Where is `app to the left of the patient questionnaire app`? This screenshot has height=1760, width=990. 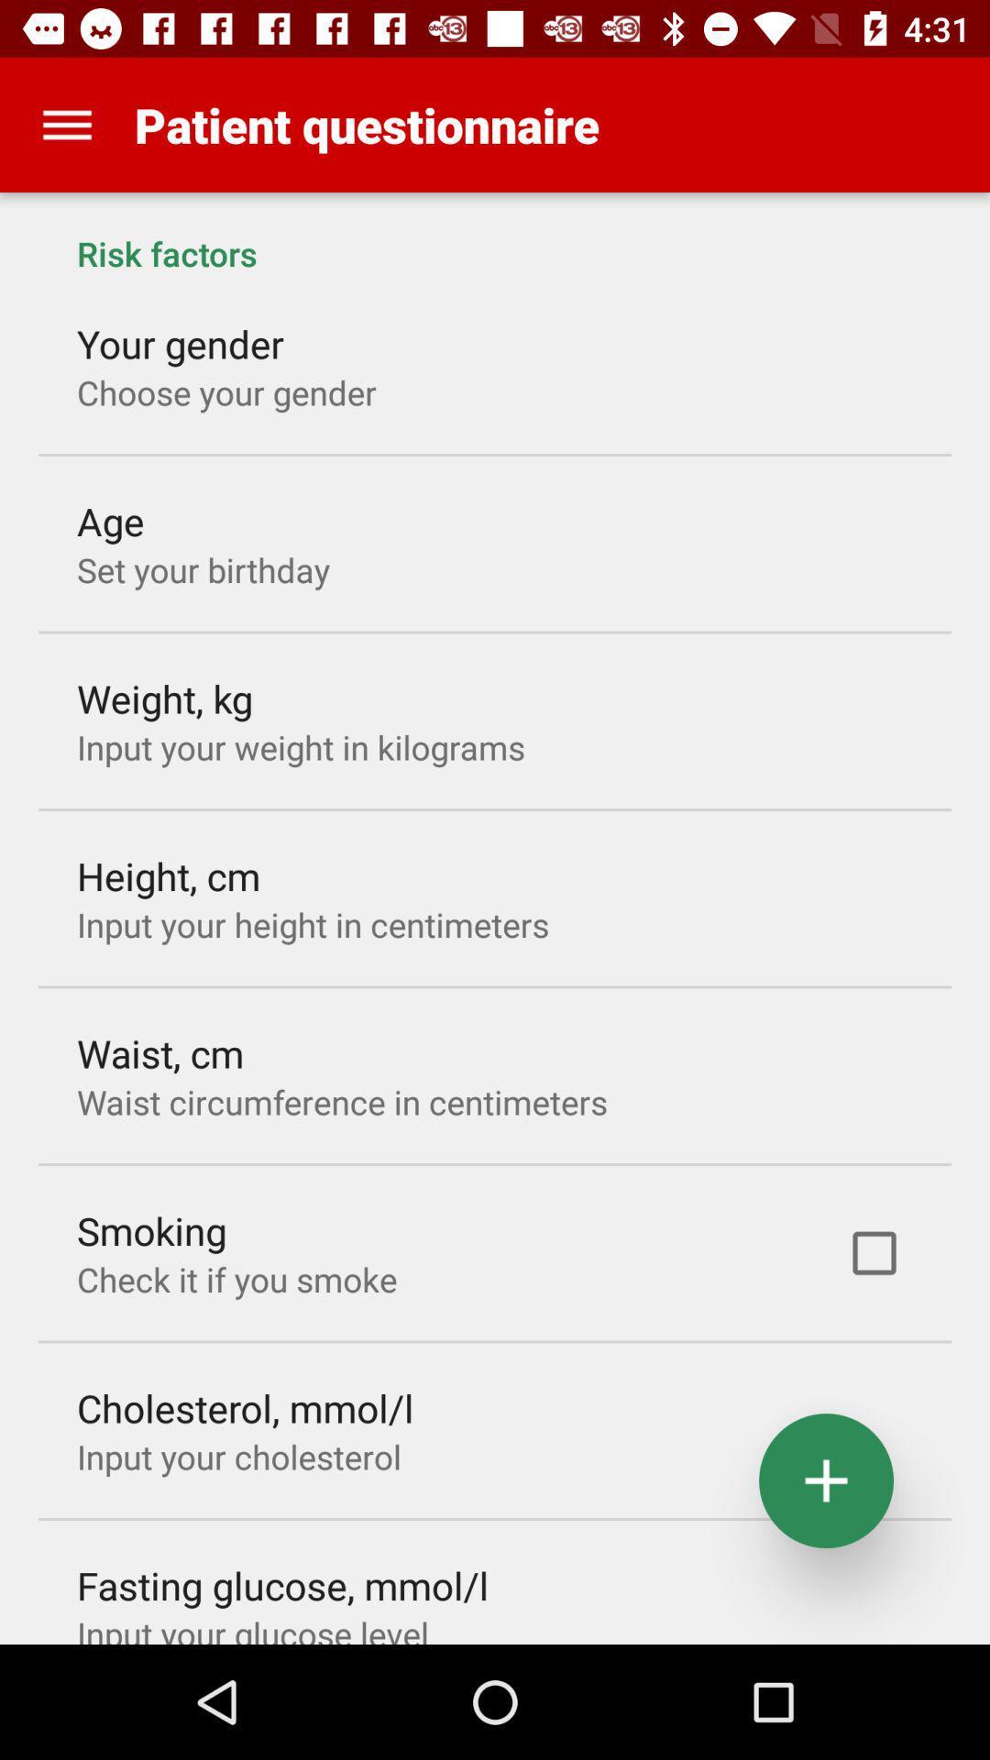
app to the left of the patient questionnaire app is located at coordinates (66, 124).